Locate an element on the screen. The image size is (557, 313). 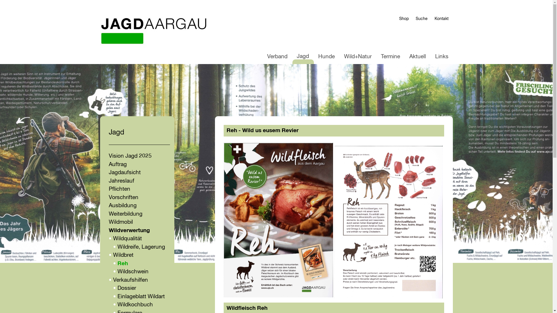
'Wildschwein' is located at coordinates (132, 272).